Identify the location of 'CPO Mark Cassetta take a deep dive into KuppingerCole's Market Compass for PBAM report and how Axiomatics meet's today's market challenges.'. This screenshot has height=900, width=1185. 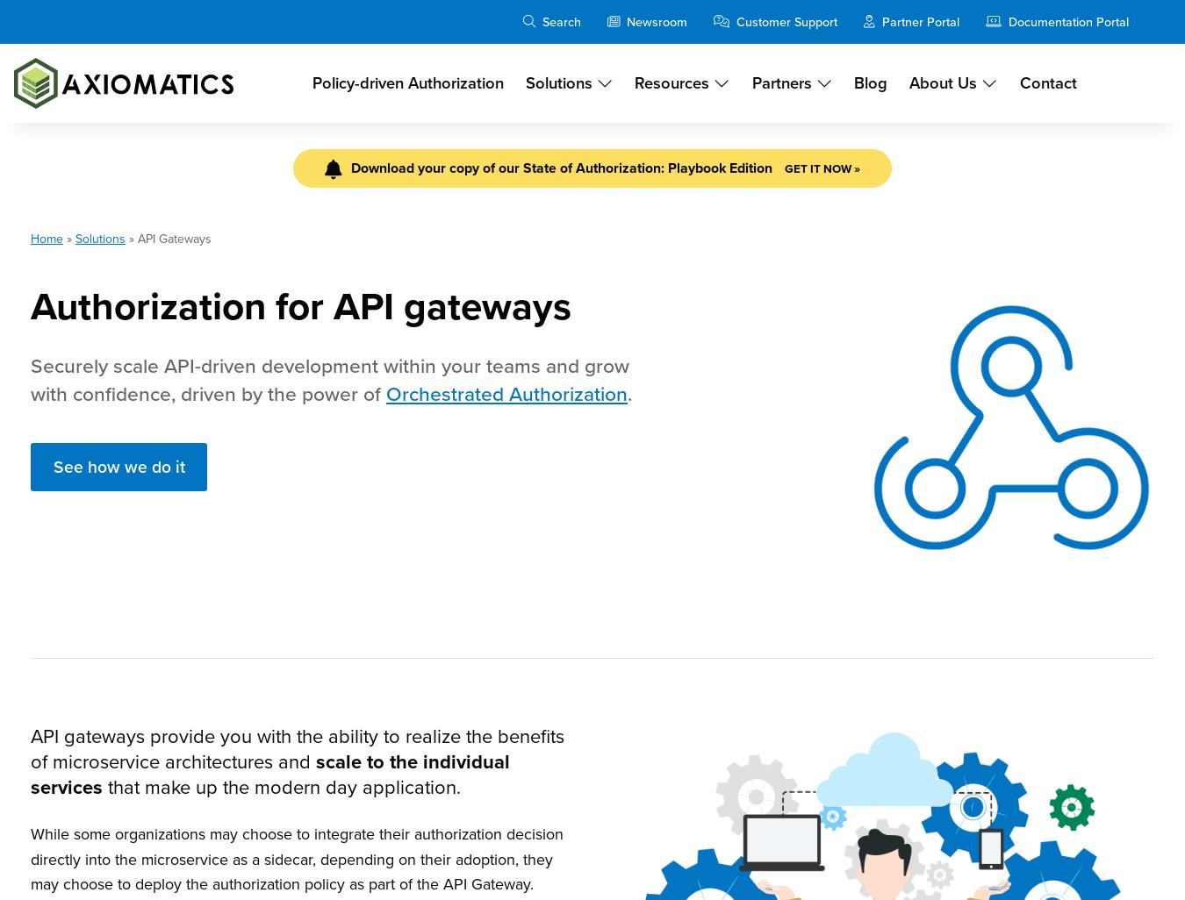
(778, 513).